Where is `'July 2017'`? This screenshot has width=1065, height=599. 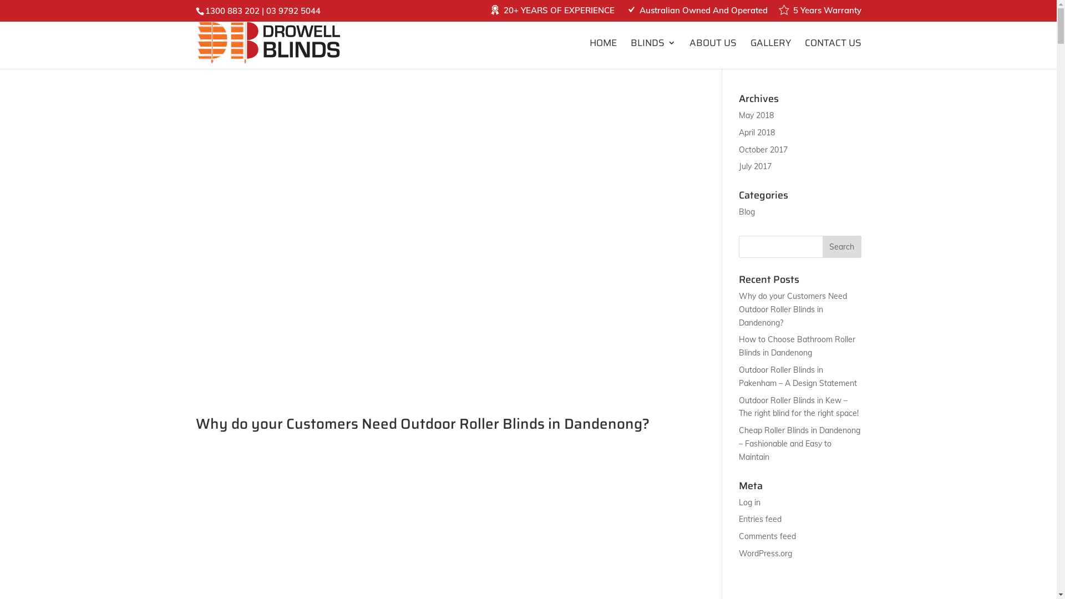
'July 2017' is located at coordinates (754, 166).